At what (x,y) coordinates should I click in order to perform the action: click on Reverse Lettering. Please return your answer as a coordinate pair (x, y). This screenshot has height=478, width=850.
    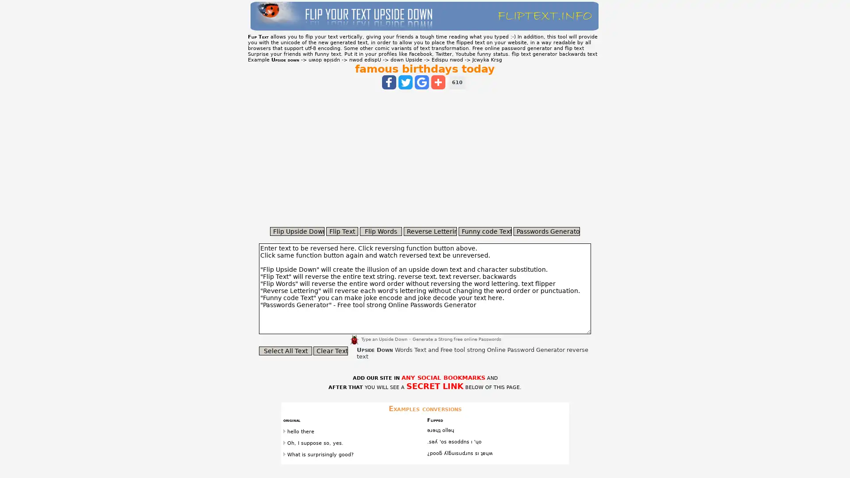
    Looking at the image, I should click on (430, 231).